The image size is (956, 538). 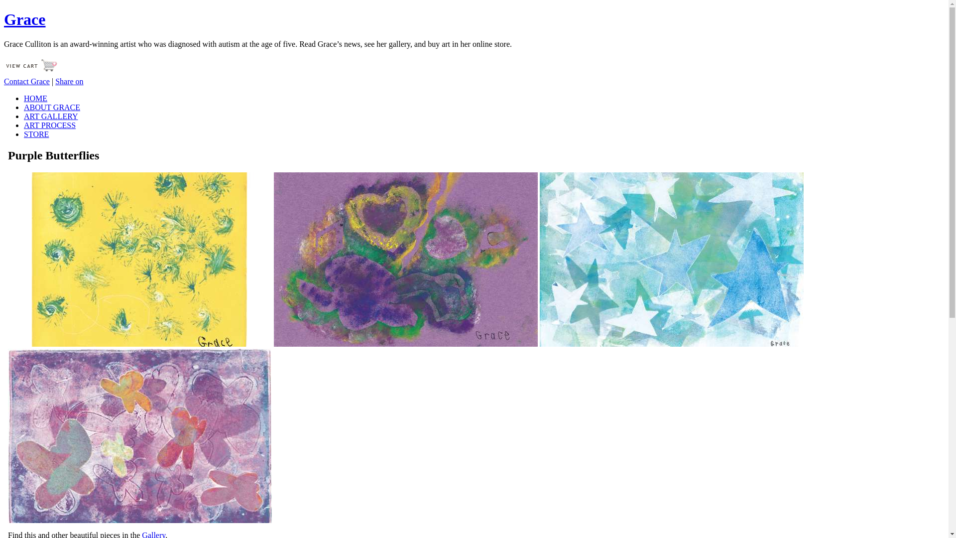 What do you see at coordinates (36, 134) in the screenshot?
I see `'STORE'` at bounding box center [36, 134].